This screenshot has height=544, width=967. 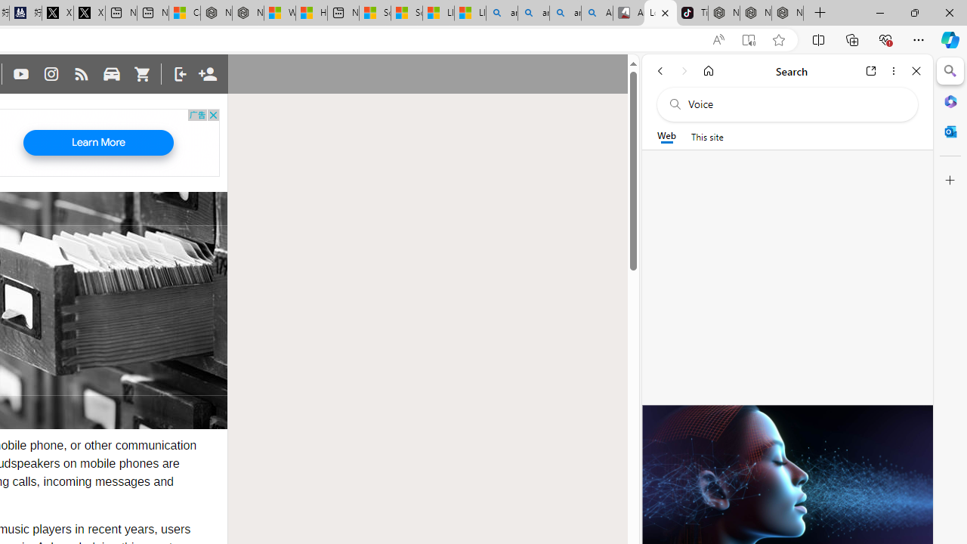 I want to click on 'Amazon Echo Robot - Search Images', so click(x=597, y=13).